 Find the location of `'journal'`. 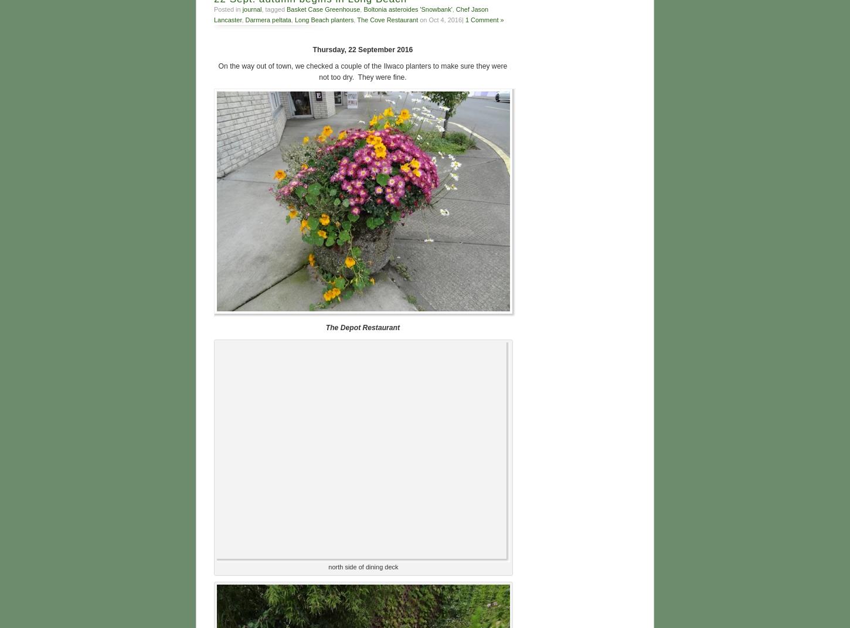

'journal' is located at coordinates (251, 8).